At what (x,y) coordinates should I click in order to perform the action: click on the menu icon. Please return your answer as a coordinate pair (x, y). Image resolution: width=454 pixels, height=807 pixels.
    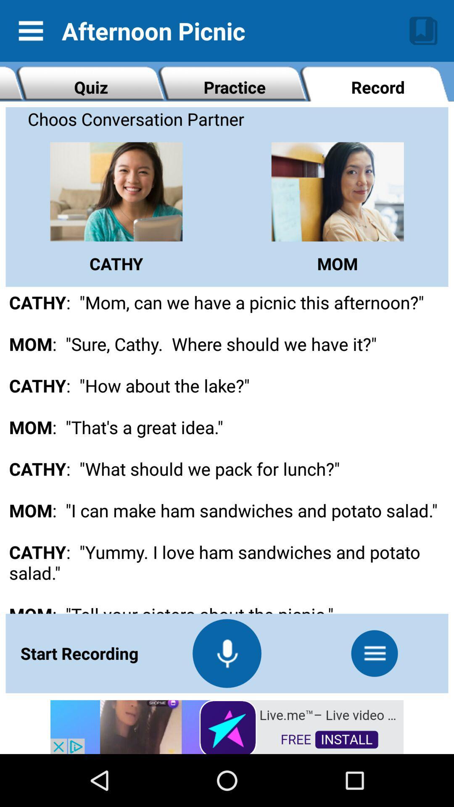
    Looking at the image, I should click on (374, 653).